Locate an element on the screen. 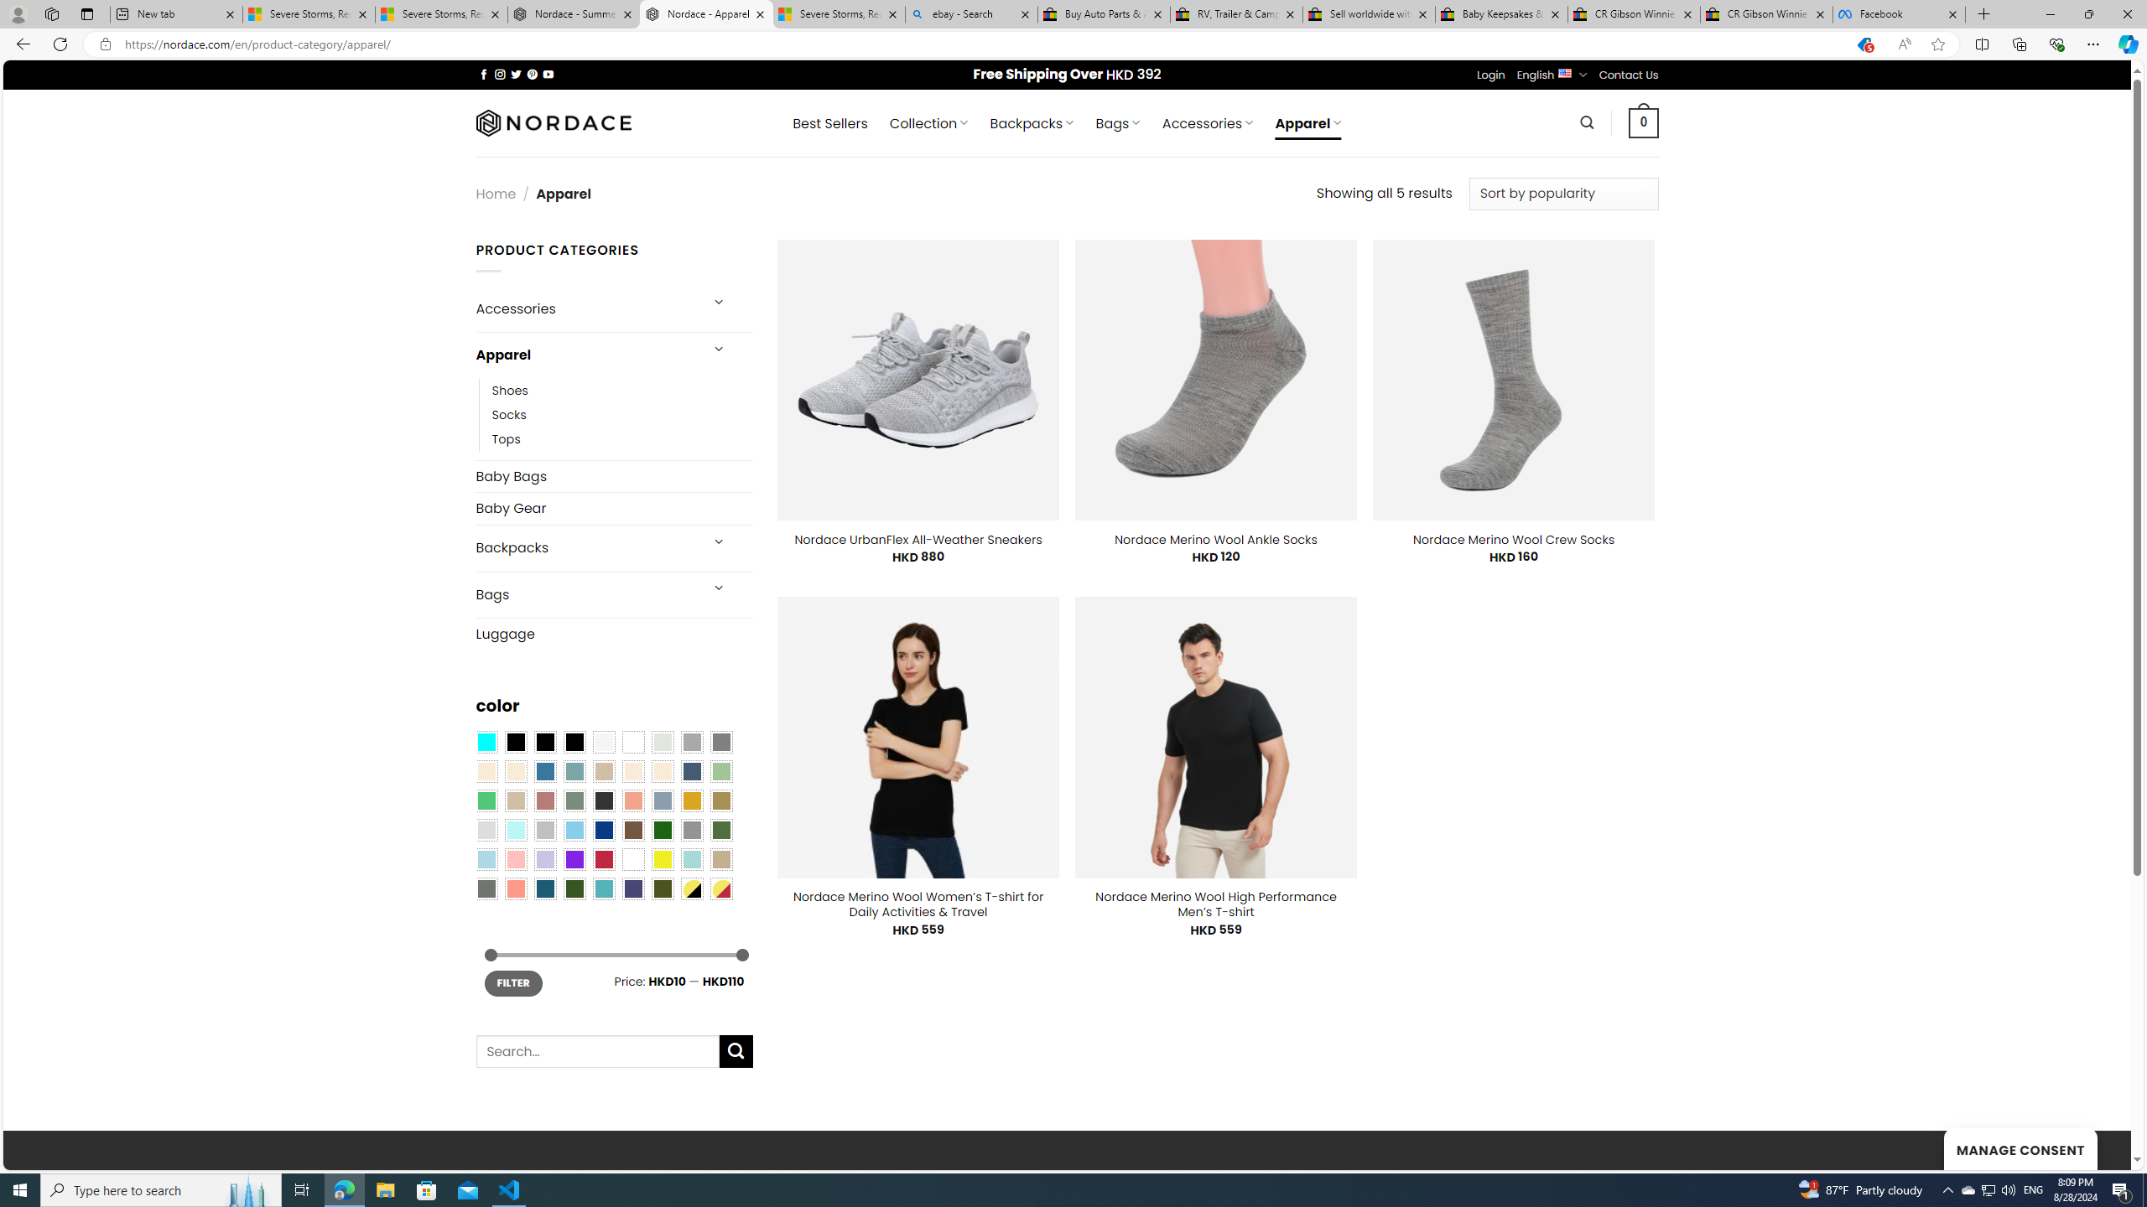  '  Best Sellers' is located at coordinates (829, 122).